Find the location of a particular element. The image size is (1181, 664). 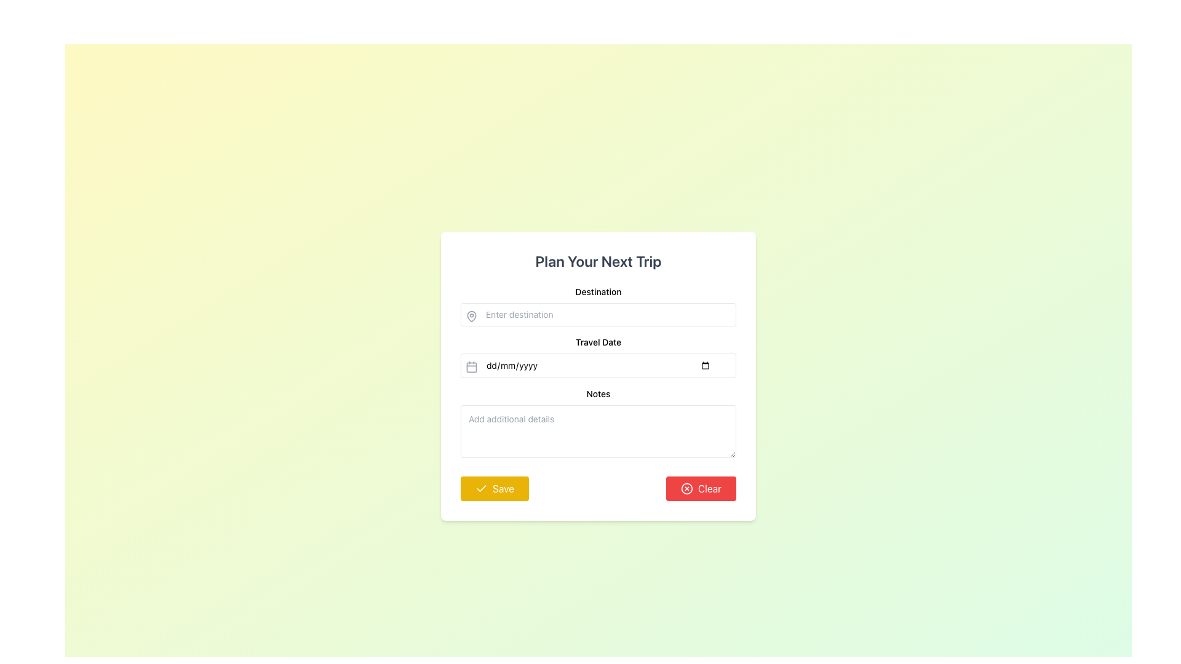

the 'Travel Date' text label, which is styled in a medium weight, small size sans-serif font, and is positioned above a date input field in the form-like structure is located at coordinates (598, 342).